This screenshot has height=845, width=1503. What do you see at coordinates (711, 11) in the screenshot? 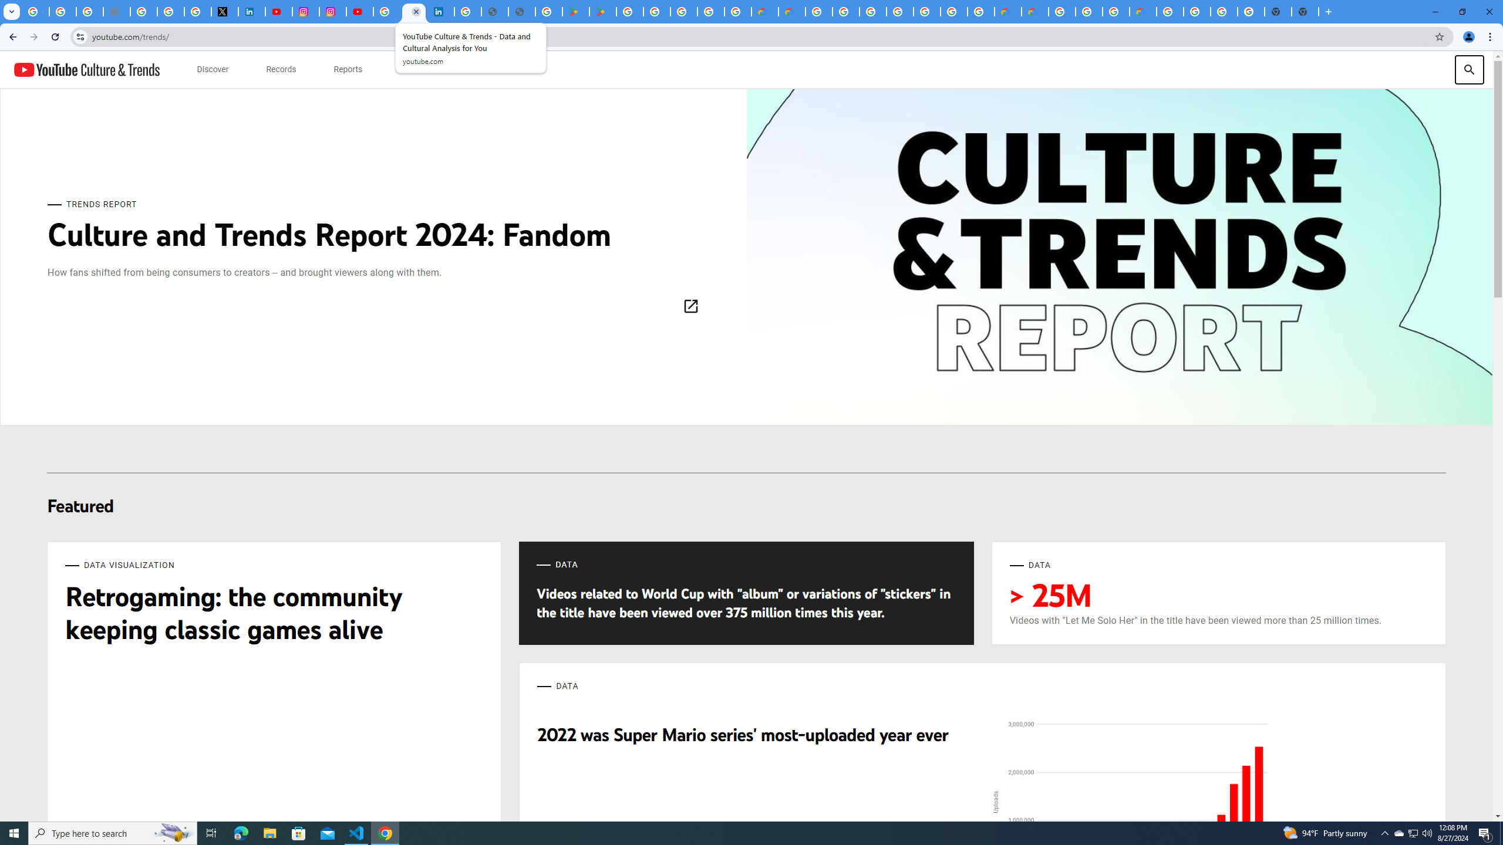
I see `'Google Workspace - Specific Terms'` at bounding box center [711, 11].